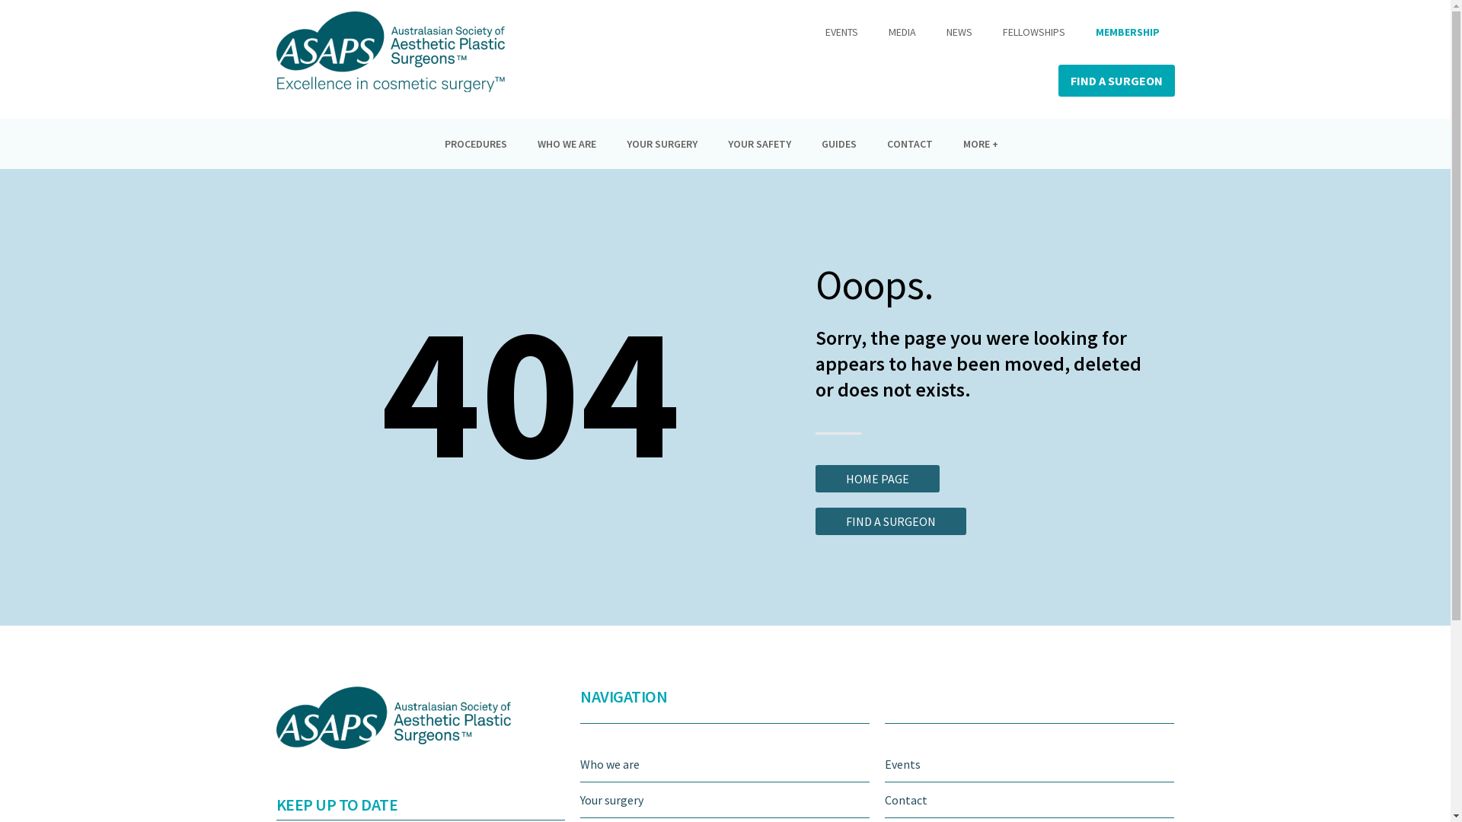 This screenshot has width=1462, height=822. What do you see at coordinates (910, 144) in the screenshot?
I see `'CONTACT'` at bounding box center [910, 144].